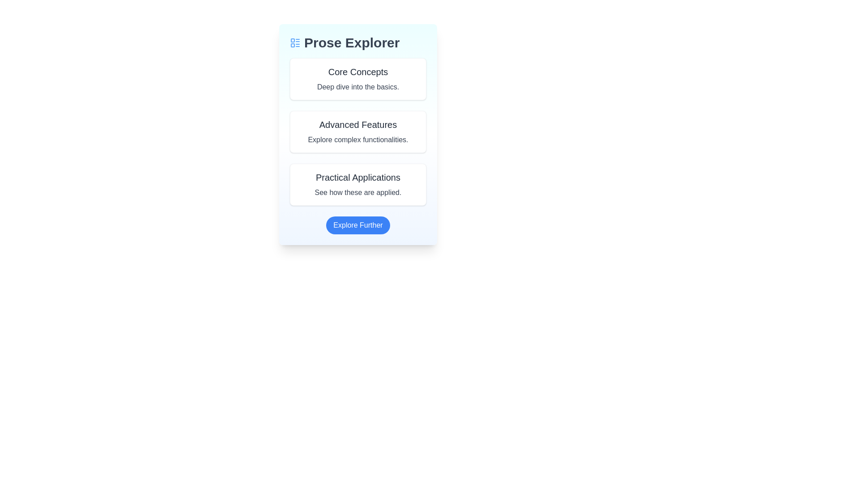 The height and width of the screenshot is (483, 859). What do you see at coordinates (295, 43) in the screenshot?
I see `the icon located at the top-left corner of the interface, next to the 'Prose Explorer' heading` at bounding box center [295, 43].